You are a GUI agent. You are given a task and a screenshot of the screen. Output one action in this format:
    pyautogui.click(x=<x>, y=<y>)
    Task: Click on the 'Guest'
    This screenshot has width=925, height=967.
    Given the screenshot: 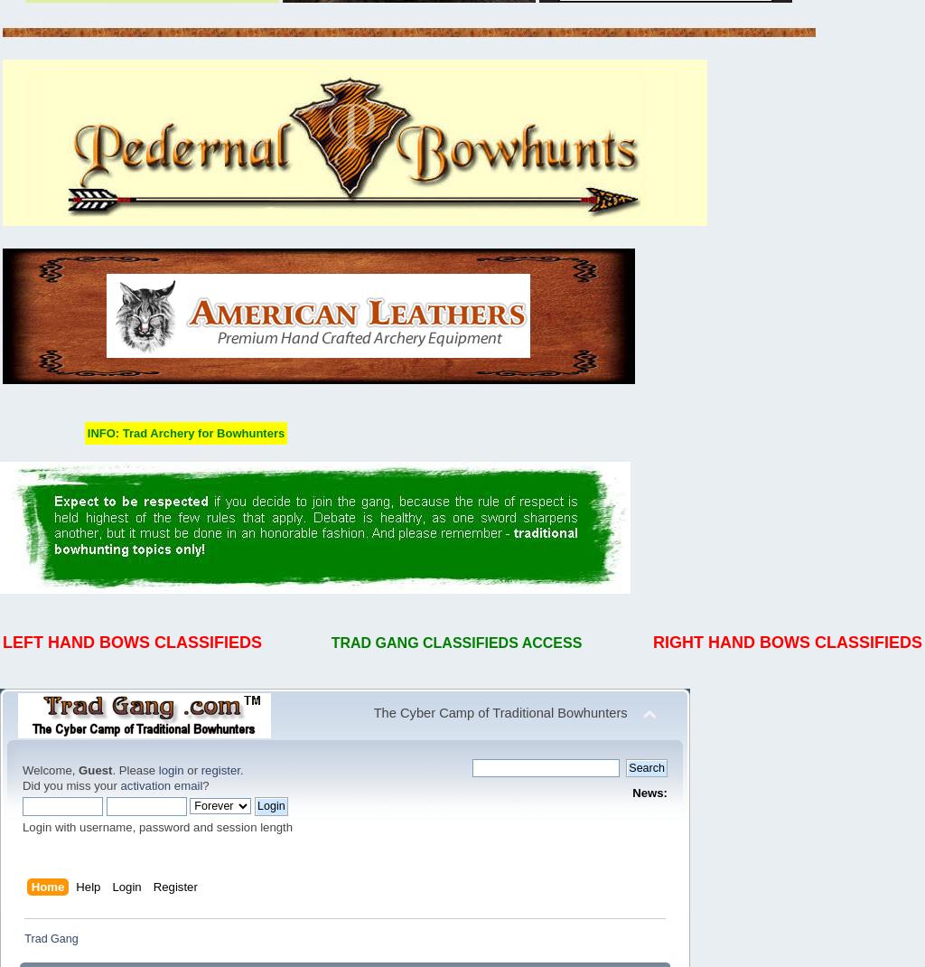 What is the action you would take?
    pyautogui.click(x=95, y=770)
    